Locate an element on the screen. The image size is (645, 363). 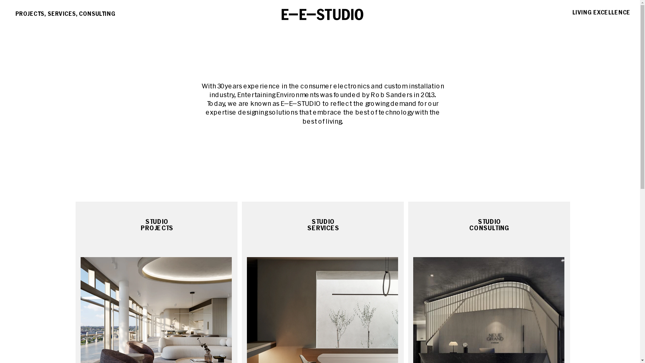
'PROJECTS' is located at coordinates (23, 12).